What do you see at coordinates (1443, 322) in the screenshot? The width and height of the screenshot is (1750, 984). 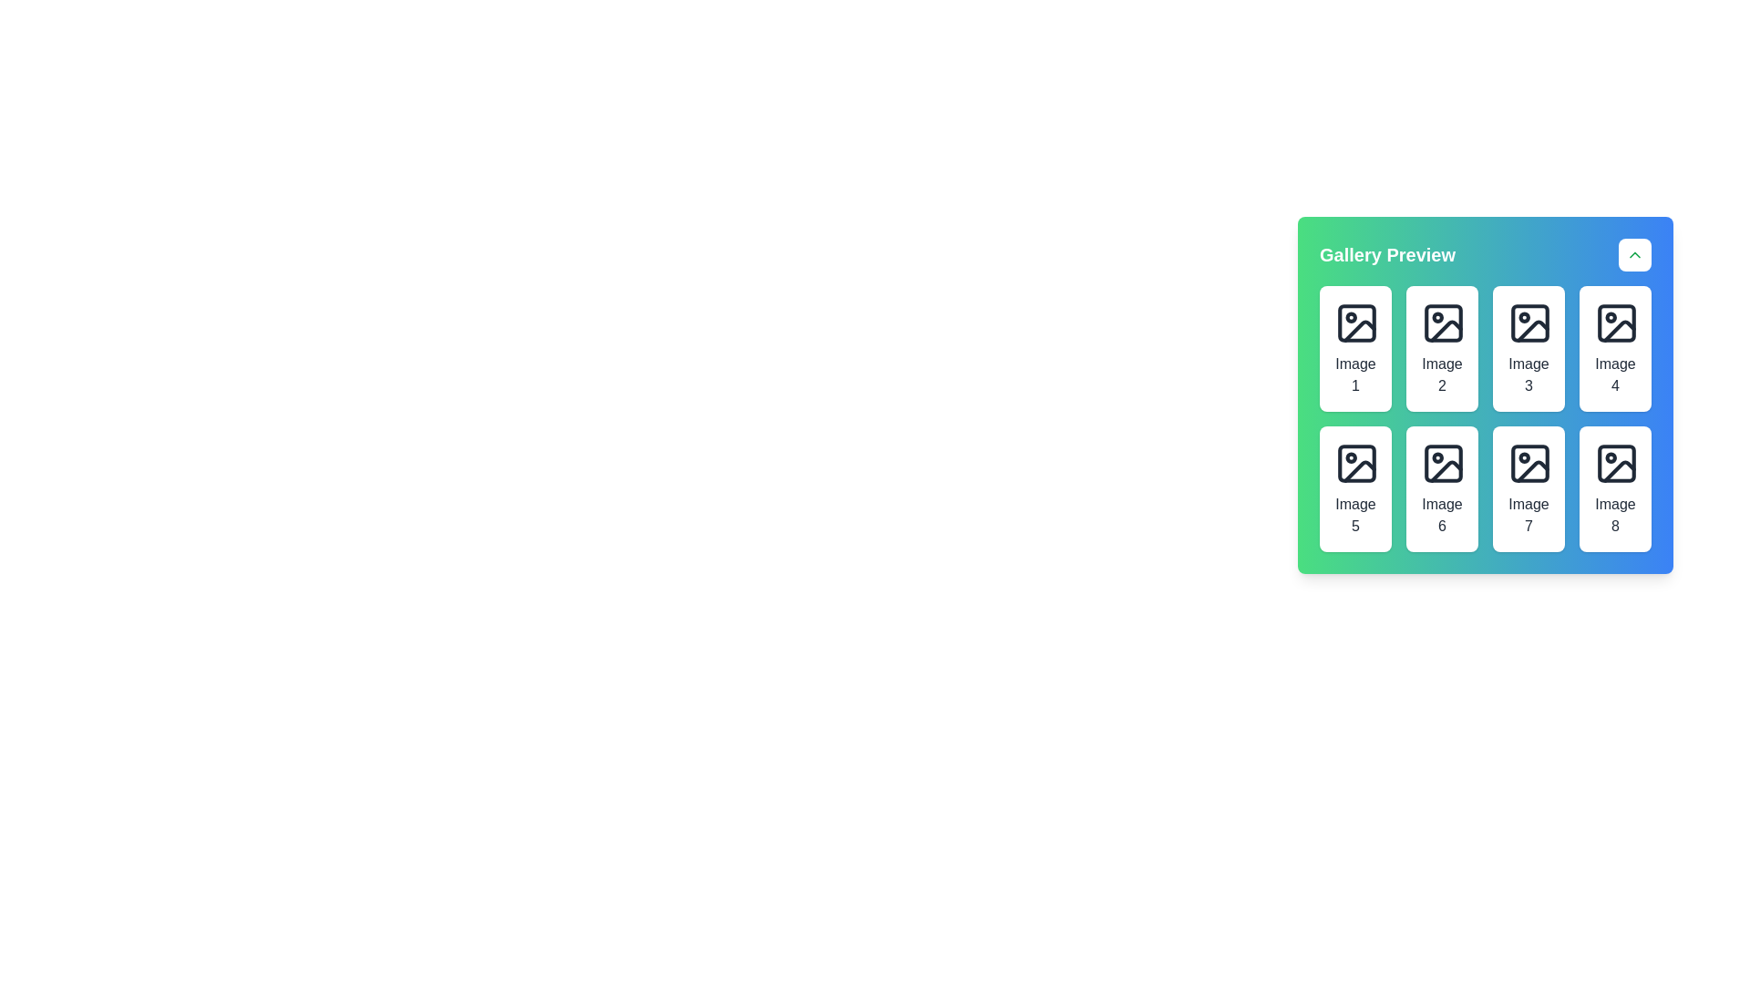 I see `the upper-center icon representing 'Image 2'` at bounding box center [1443, 322].